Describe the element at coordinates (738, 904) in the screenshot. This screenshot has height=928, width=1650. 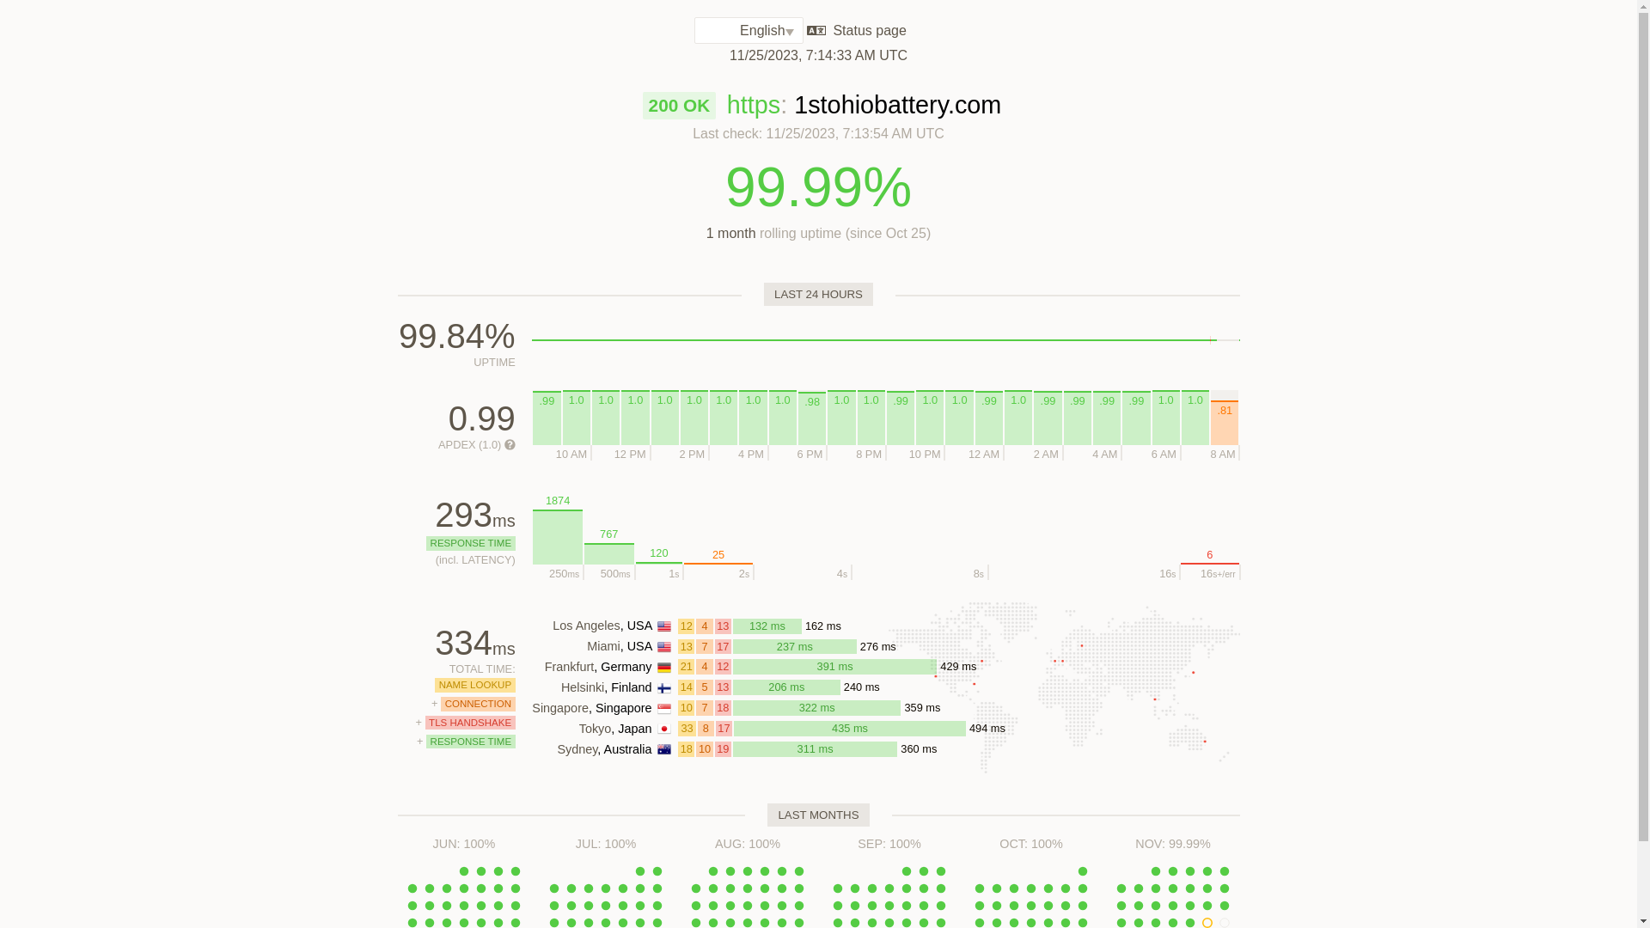
I see `'<small>Aug 17:</small> No downtime'` at that location.